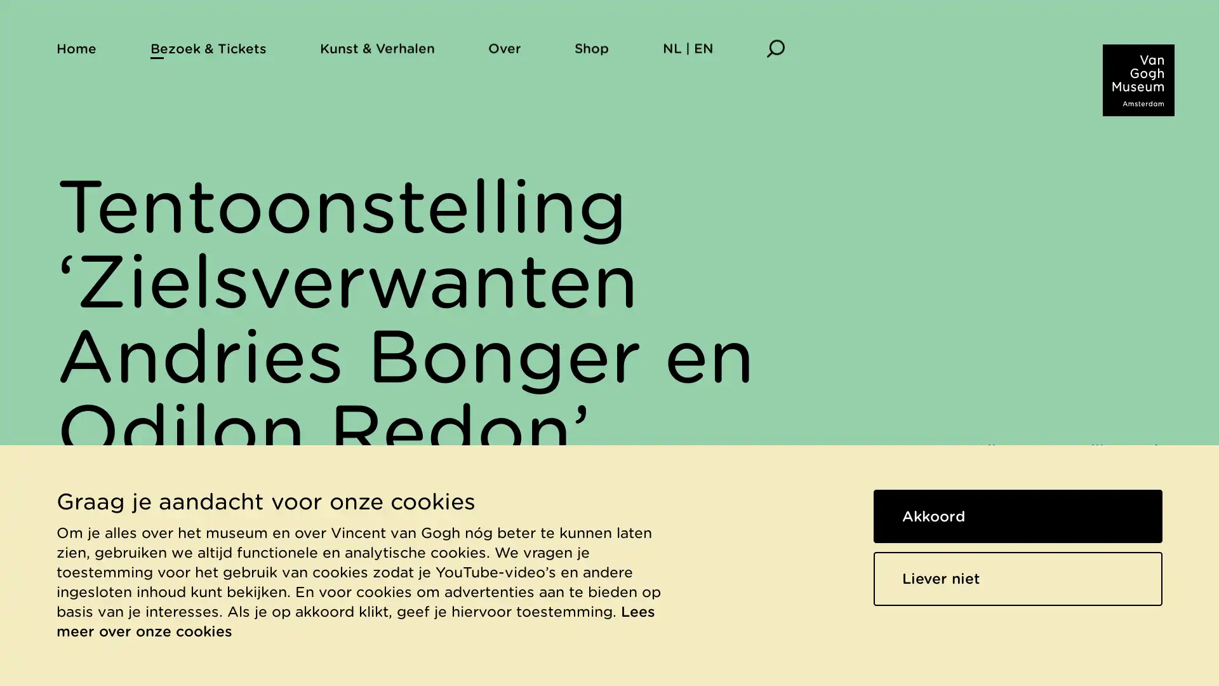 The image size is (1219, 686). Describe the element at coordinates (1018, 516) in the screenshot. I see `Akkoord` at that location.